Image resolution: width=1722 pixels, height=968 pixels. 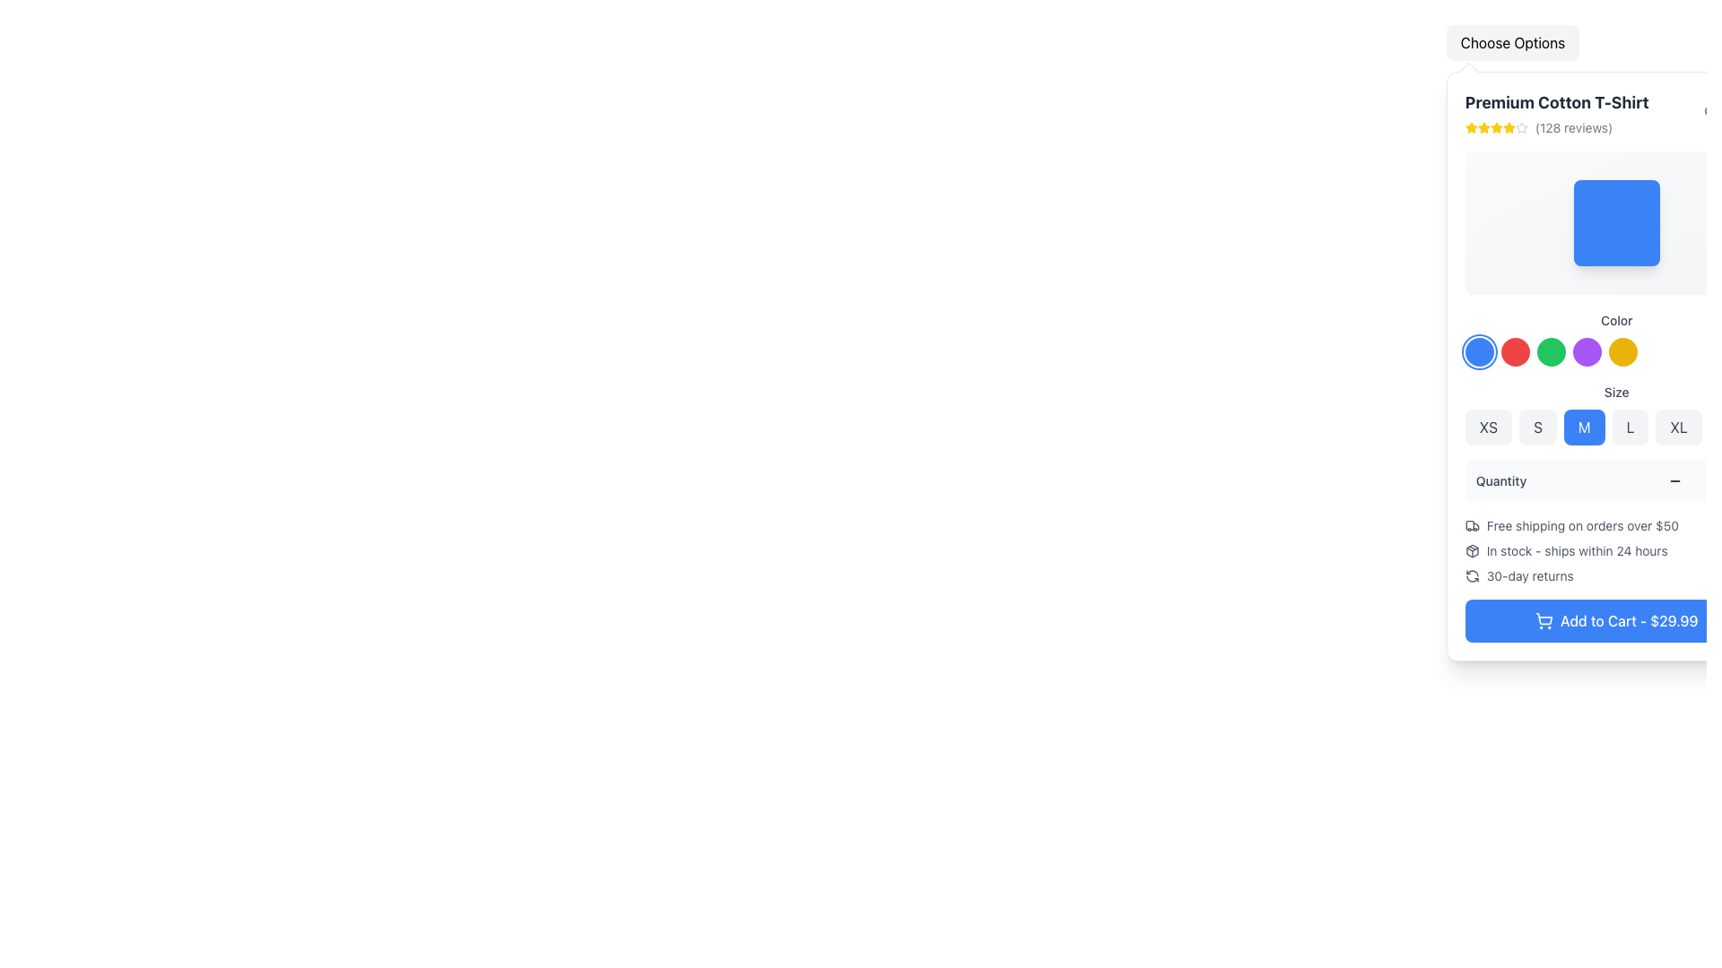 What do you see at coordinates (1584, 428) in the screenshot?
I see `the medium-sized blue button with white text displaying 'M' in the size selector group` at bounding box center [1584, 428].